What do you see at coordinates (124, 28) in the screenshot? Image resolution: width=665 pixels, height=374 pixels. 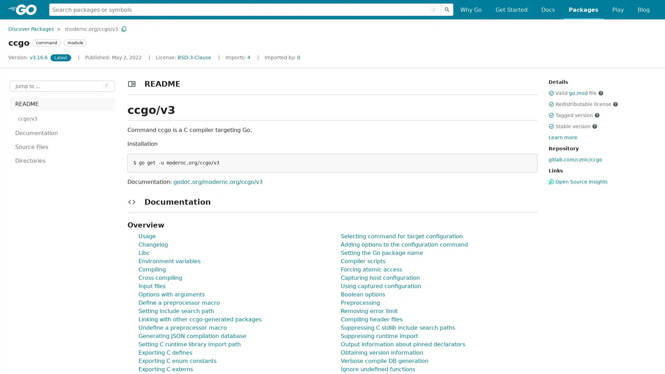 I see `Copy Path to Clipboard` at bounding box center [124, 28].